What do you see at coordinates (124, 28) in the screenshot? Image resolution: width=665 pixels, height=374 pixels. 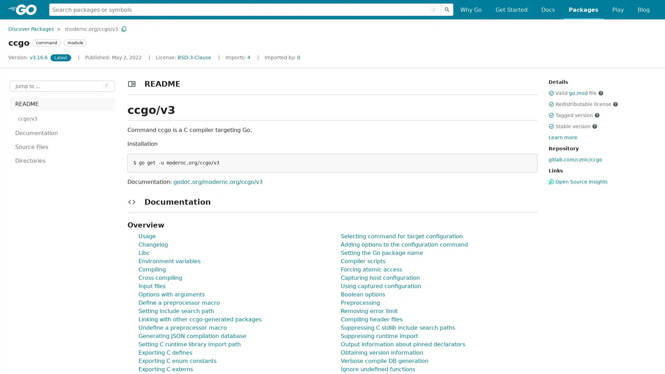 I see `Copy Path to Clipboard` at bounding box center [124, 28].